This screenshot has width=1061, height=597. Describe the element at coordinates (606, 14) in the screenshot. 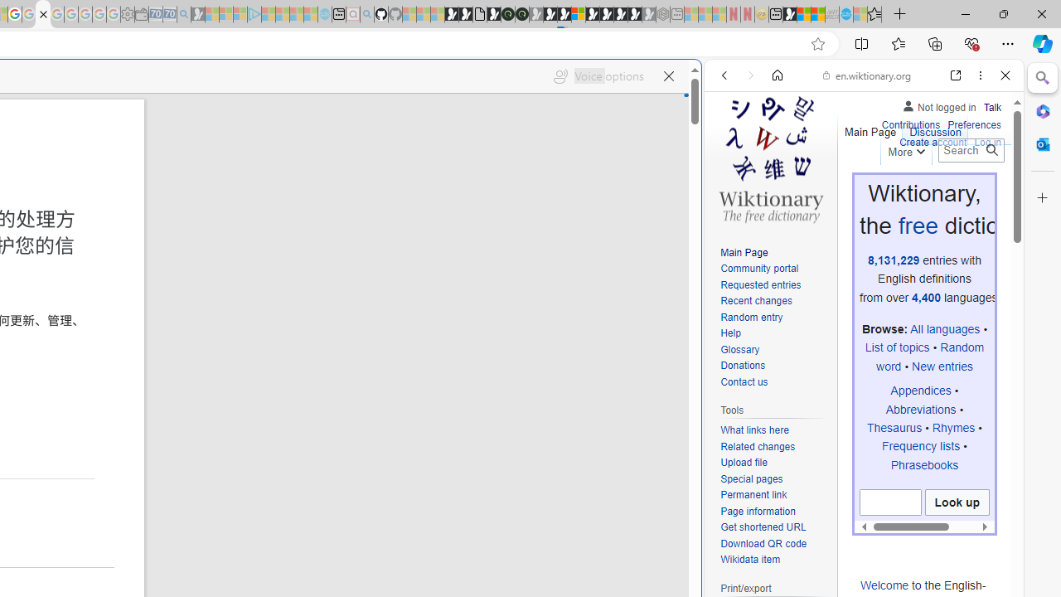

I see `'Play Free Online Games | Games from Microsoft Start'` at that location.